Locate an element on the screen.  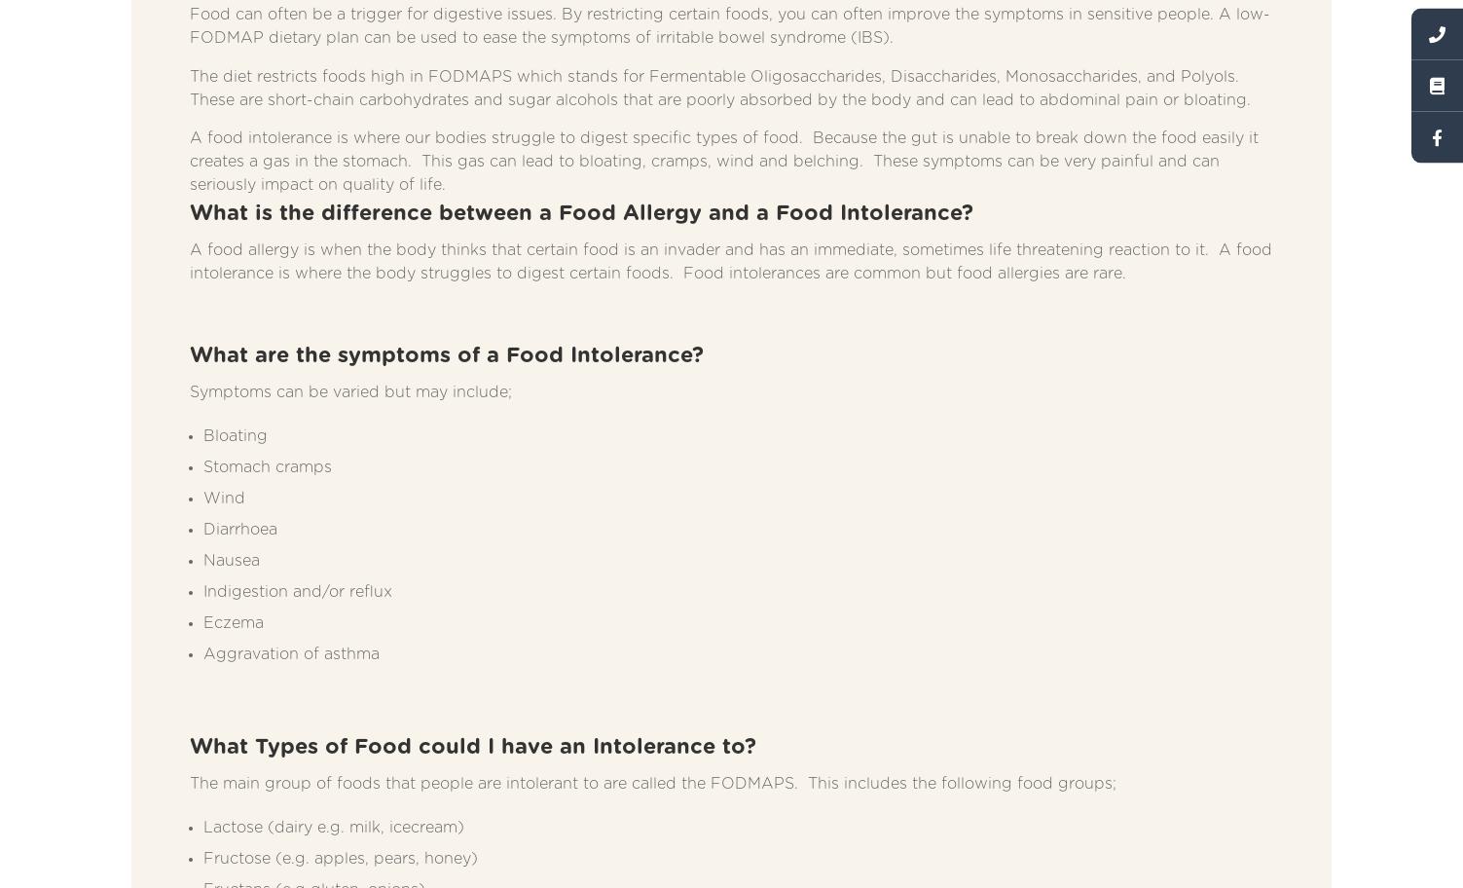
'What Types of Food could I have an Intolerance to?' is located at coordinates (472, 745).